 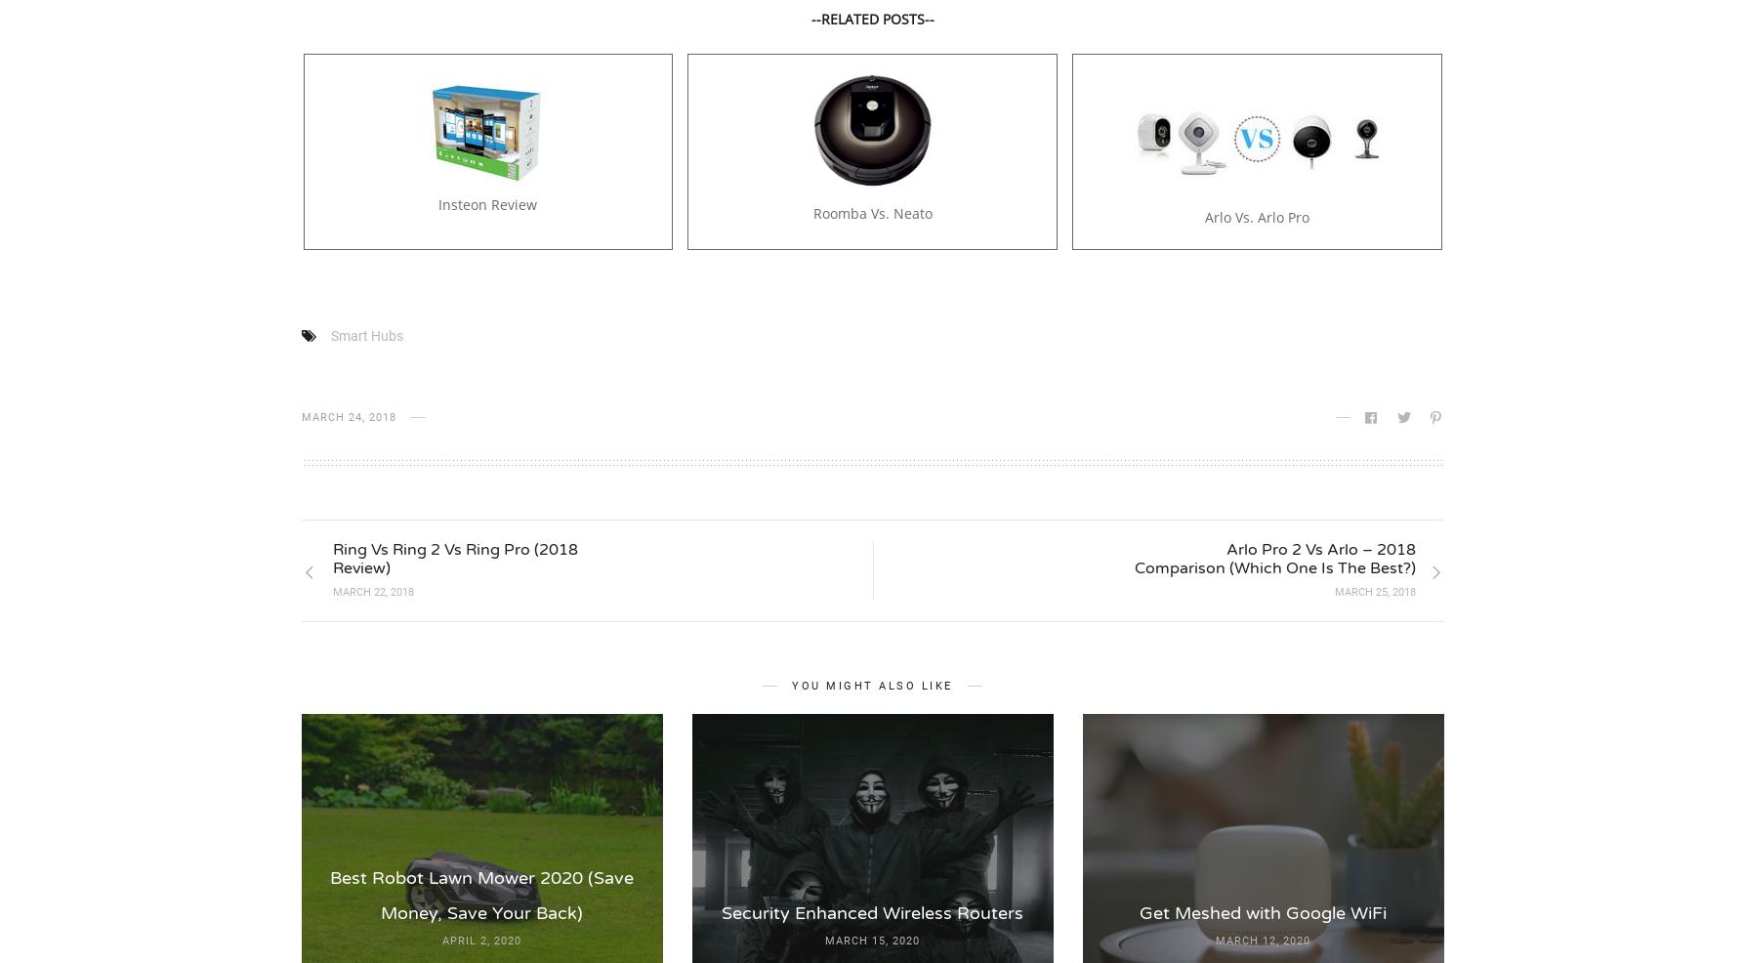 I want to click on 'Security Enhanced Wireless Routers', so click(x=872, y=912).